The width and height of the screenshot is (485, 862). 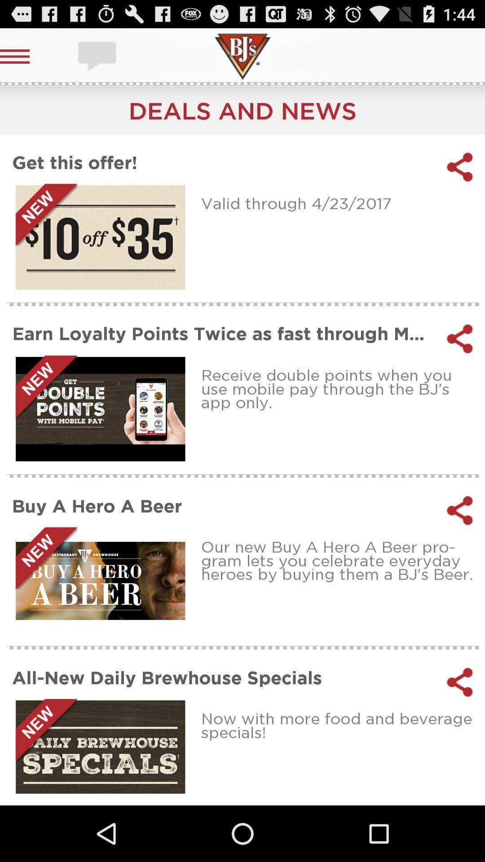 I want to click on the now with more, so click(x=340, y=725).